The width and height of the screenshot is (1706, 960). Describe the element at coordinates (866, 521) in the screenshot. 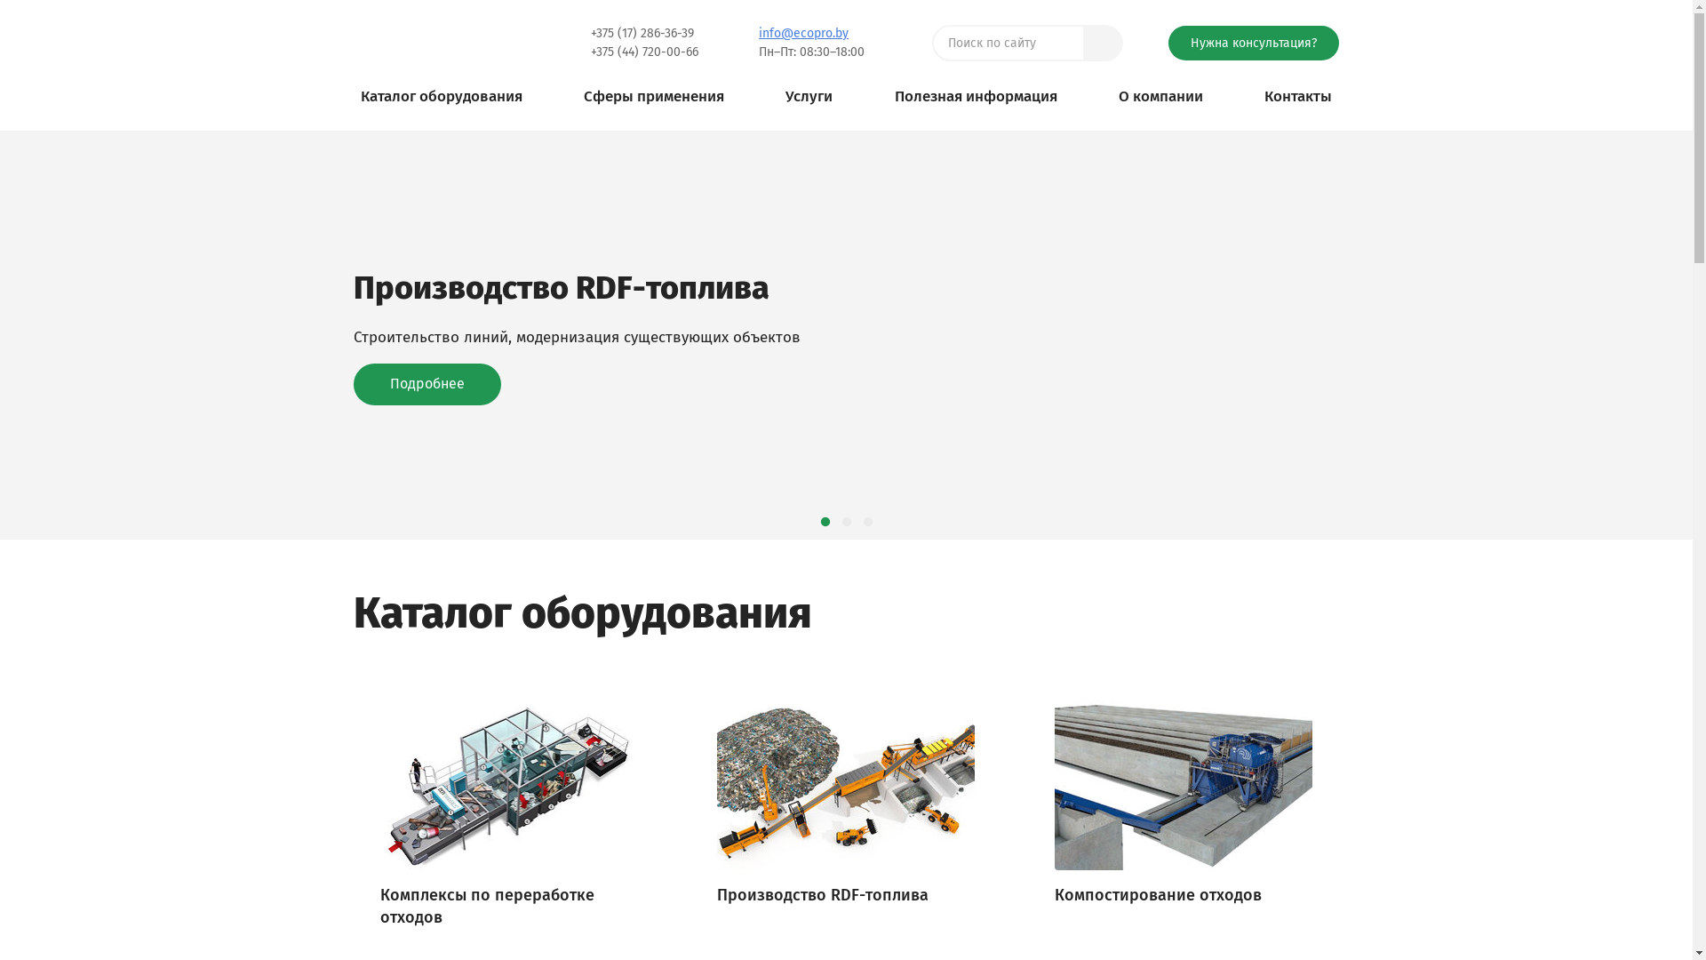

I see `'3'` at that location.